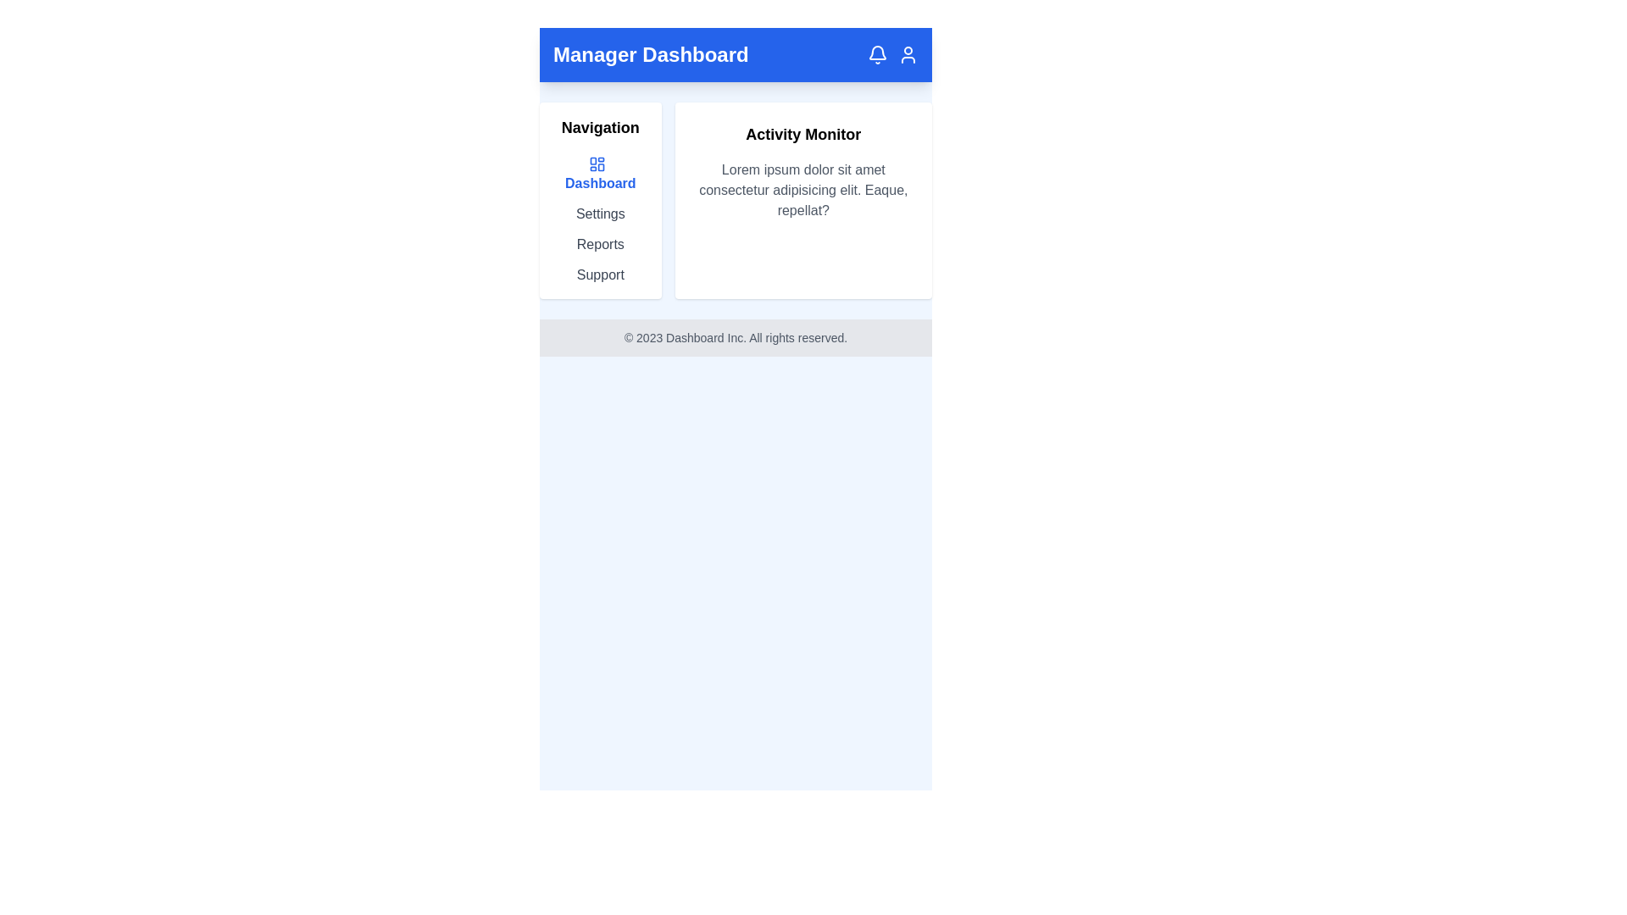  Describe the element at coordinates (878, 54) in the screenshot. I see `the notification indicator icon located near the top-right corner of the application's header` at that location.